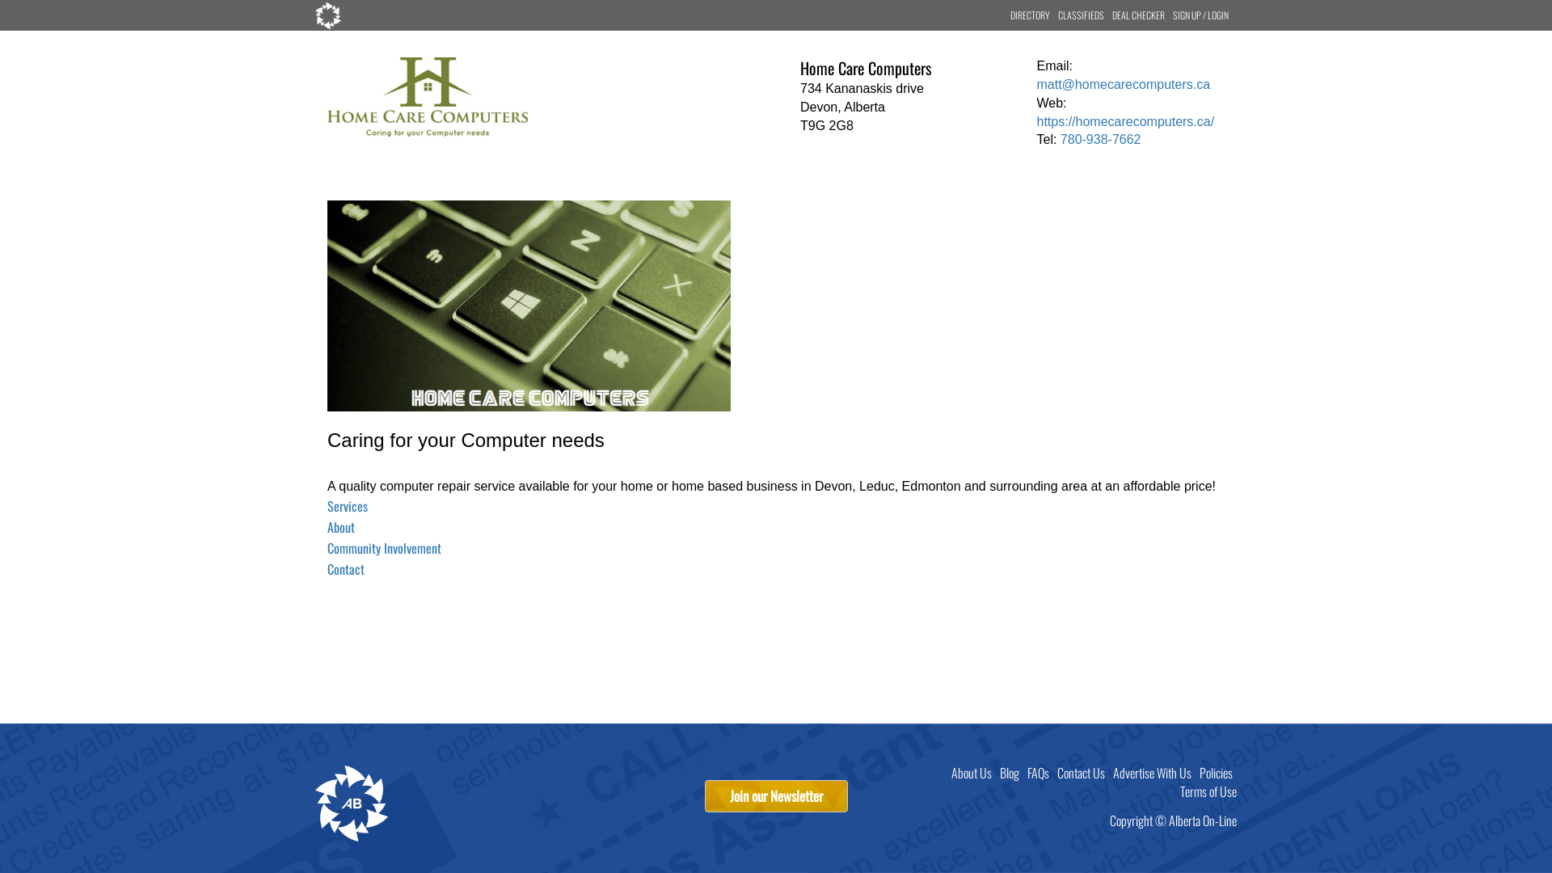  What do you see at coordinates (1100, 138) in the screenshot?
I see `'780-938-7662'` at bounding box center [1100, 138].